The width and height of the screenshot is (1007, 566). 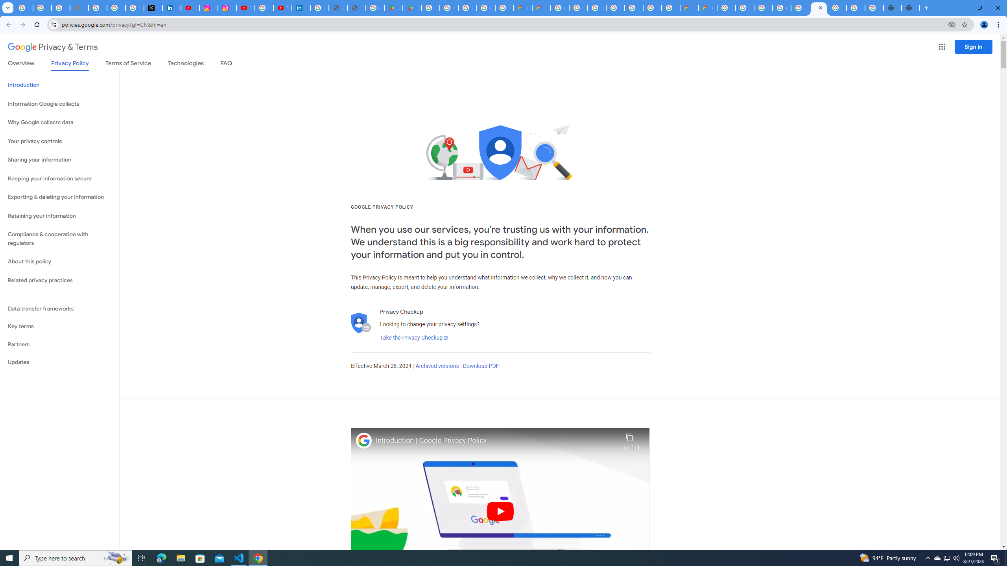 I want to click on 'Google Workspace - Specific Terms', so click(x=504, y=7).